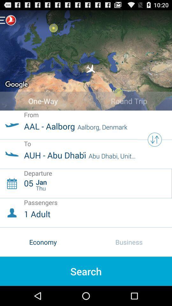 The width and height of the screenshot is (172, 306). Describe the element at coordinates (8, 20) in the screenshot. I see `open menu` at that location.